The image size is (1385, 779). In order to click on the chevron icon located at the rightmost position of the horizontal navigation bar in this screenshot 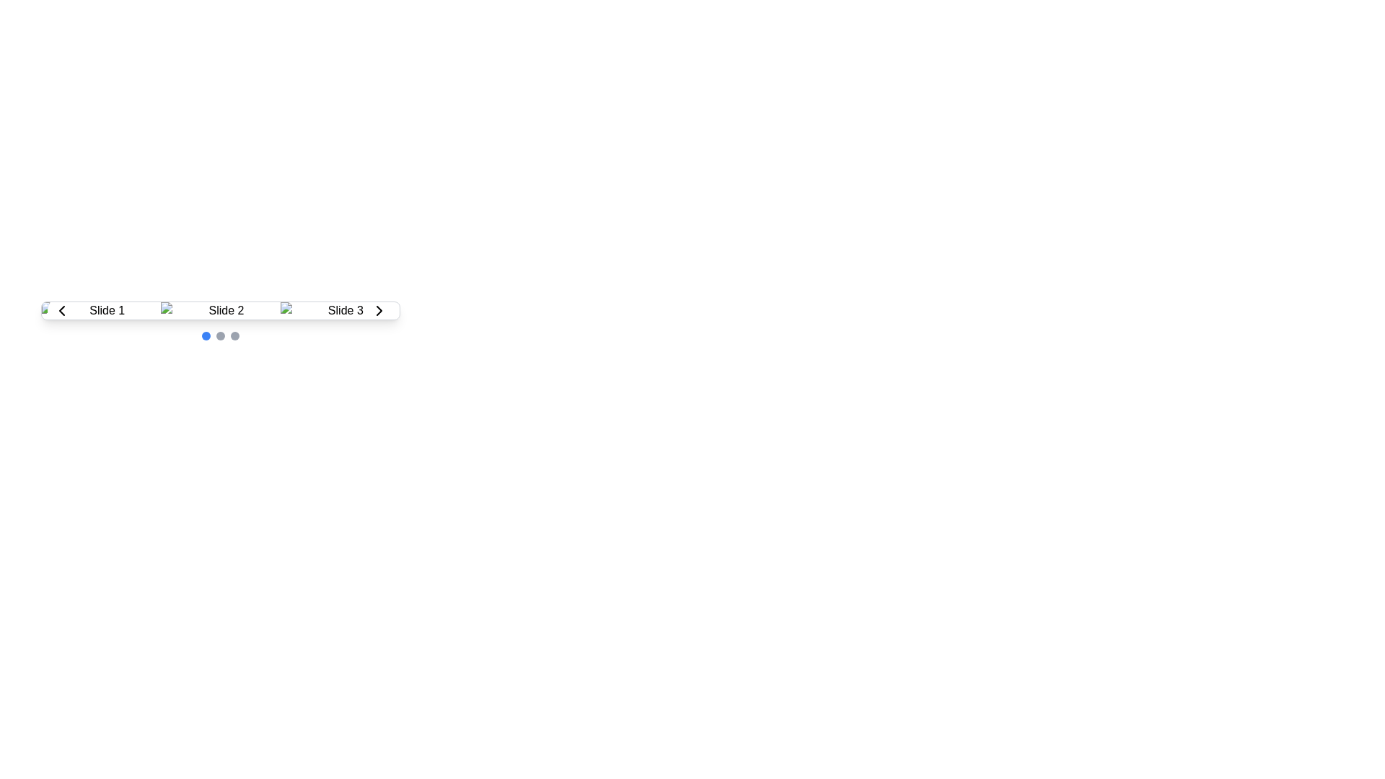, I will do `click(379, 310)`.